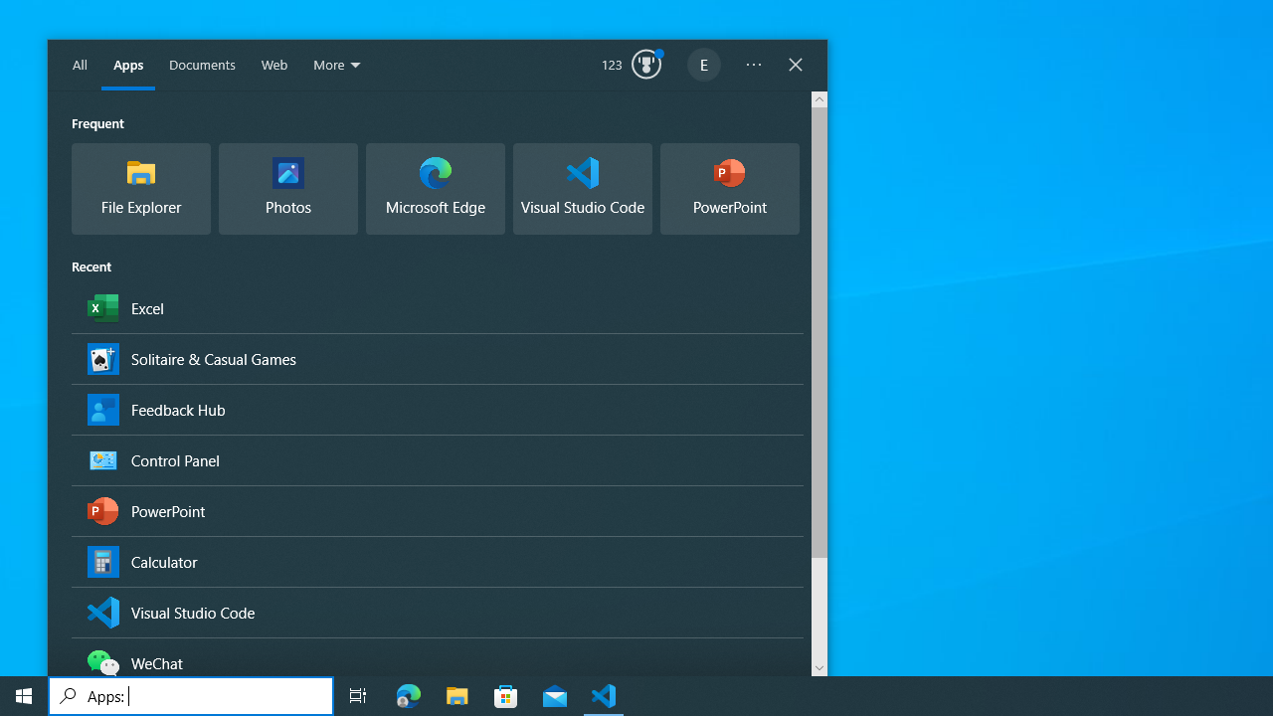  What do you see at coordinates (286, 189) in the screenshot?
I see `'Photos, App'` at bounding box center [286, 189].